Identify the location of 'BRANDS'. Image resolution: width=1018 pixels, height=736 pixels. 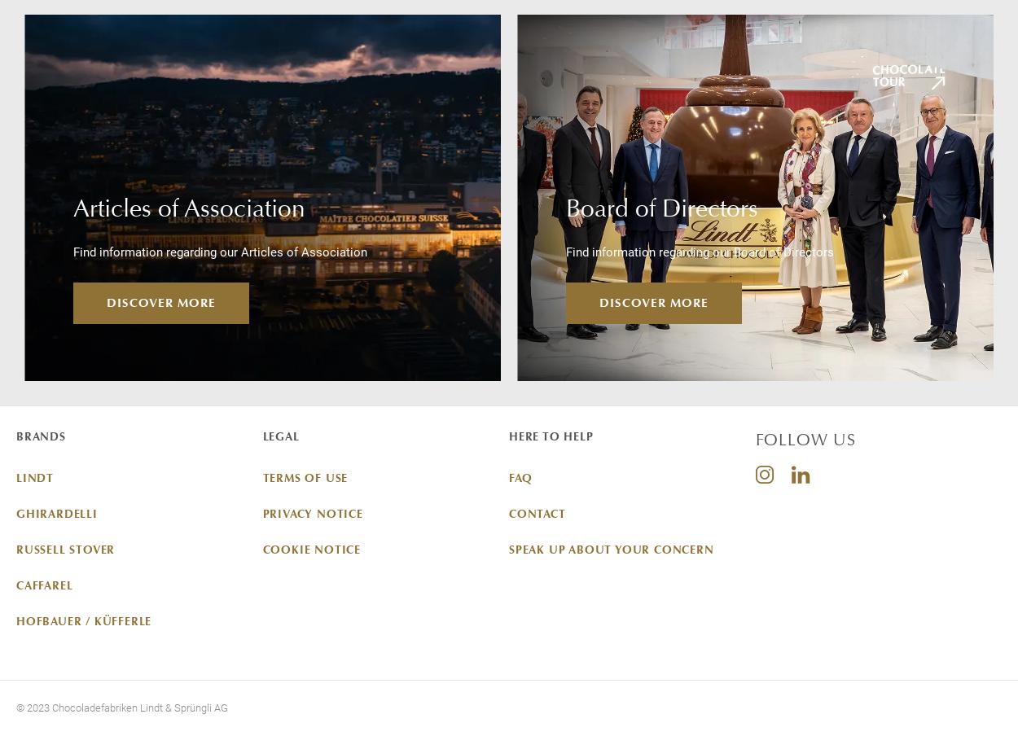
(41, 436).